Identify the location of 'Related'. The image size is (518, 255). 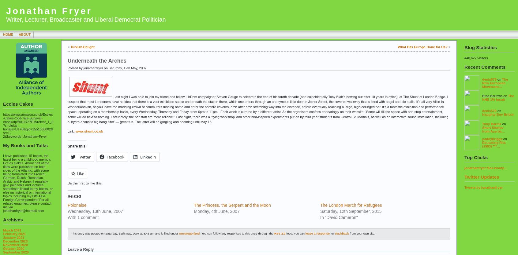
(74, 196).